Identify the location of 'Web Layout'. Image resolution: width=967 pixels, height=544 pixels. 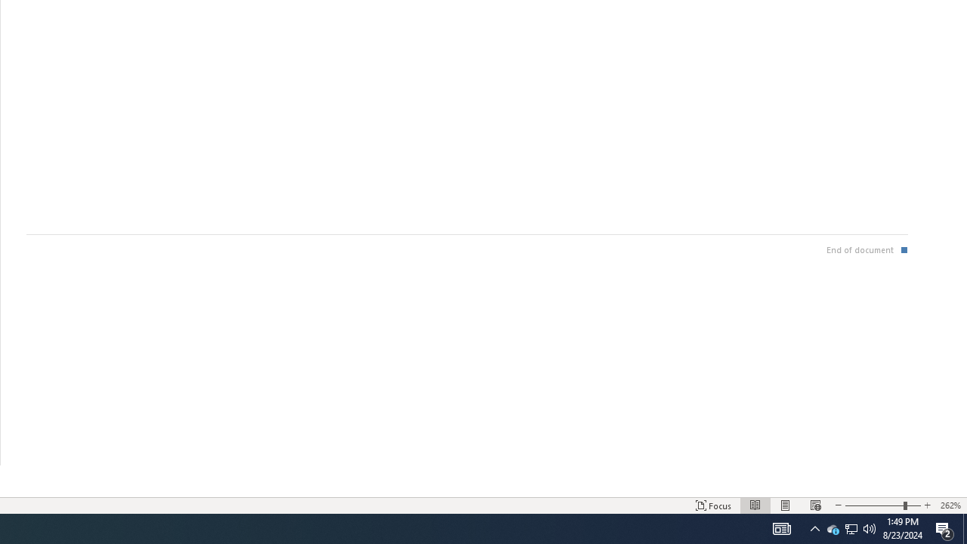
(814, 505).